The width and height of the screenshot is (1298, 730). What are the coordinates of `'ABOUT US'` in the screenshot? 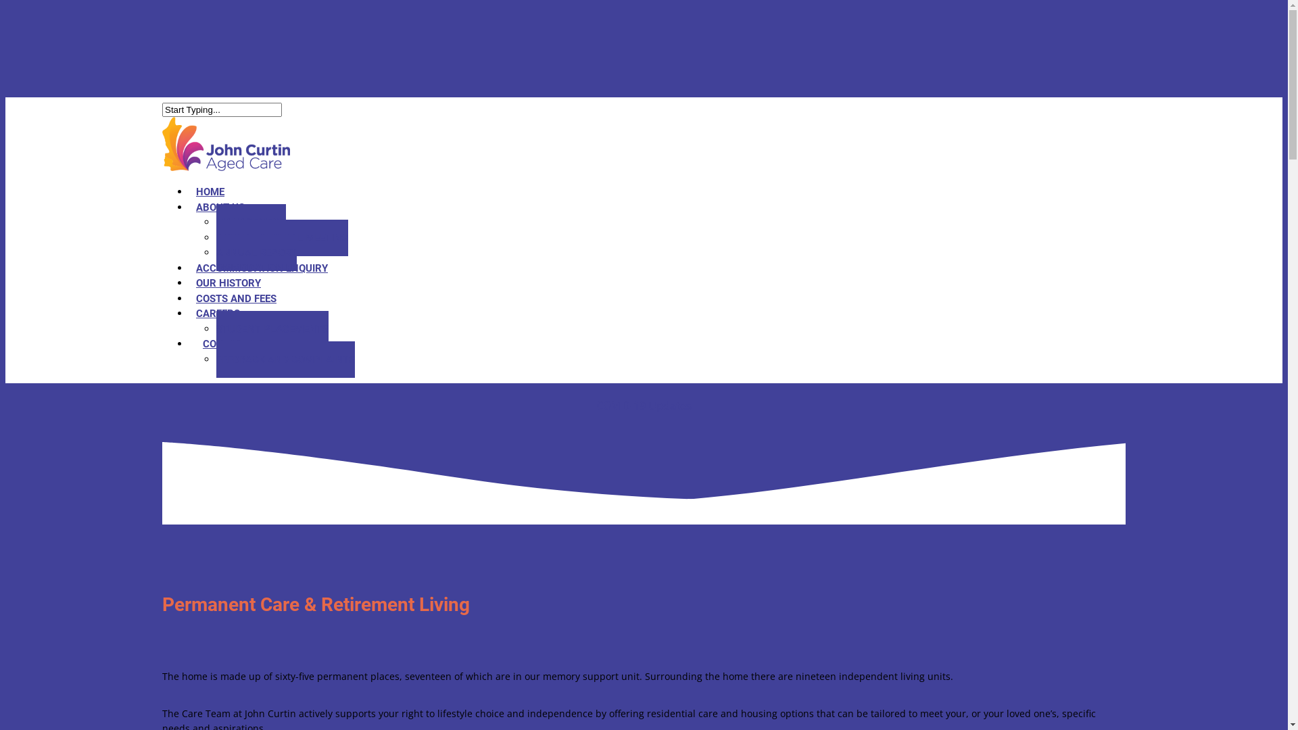 It's located at (220, 208).